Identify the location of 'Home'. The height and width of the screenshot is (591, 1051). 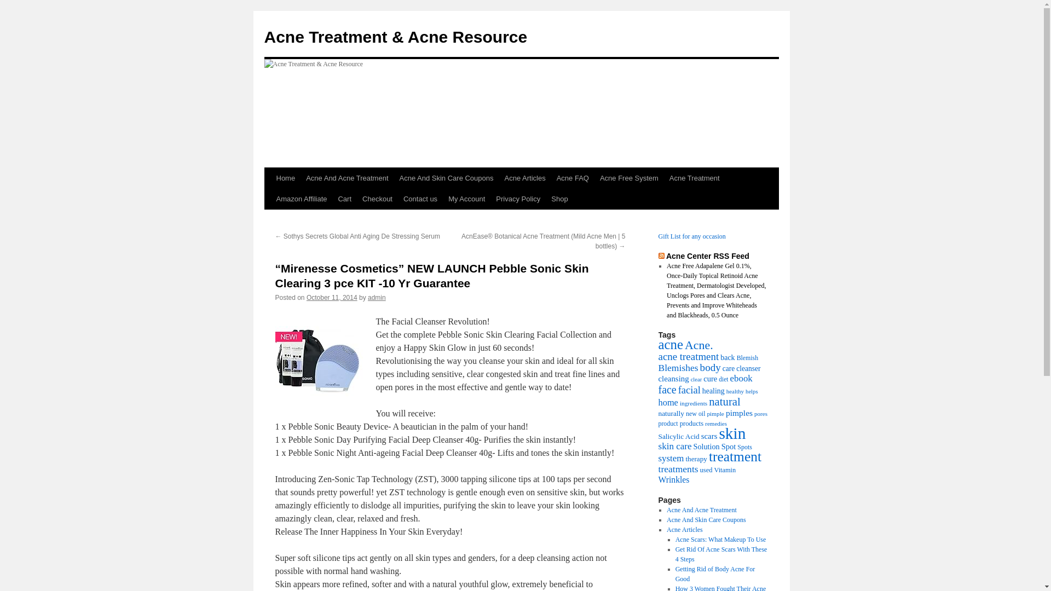
(270, 178).